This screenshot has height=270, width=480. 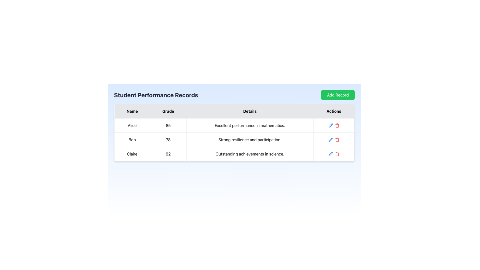 What do you see at coordinates (330, 140) in the screenshot?
I see `the pencil icon in the Actions column of the second row of the table, which is used to initiate an edit action` at bounding box center [330, 140].